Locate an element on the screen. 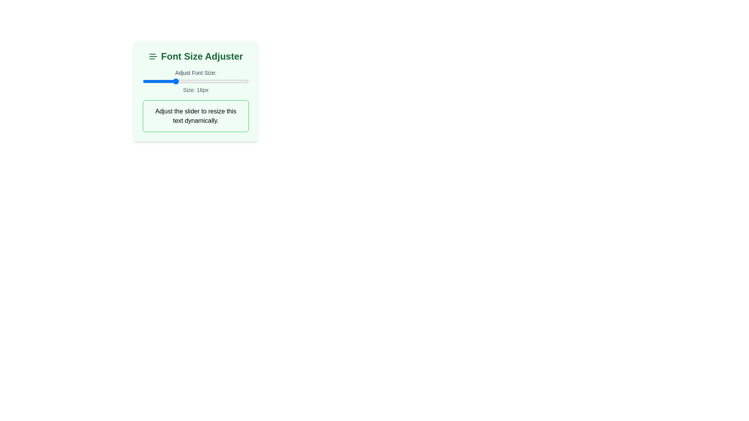  the slider to set the font size to 11 px is located at coordinates (148, 81).